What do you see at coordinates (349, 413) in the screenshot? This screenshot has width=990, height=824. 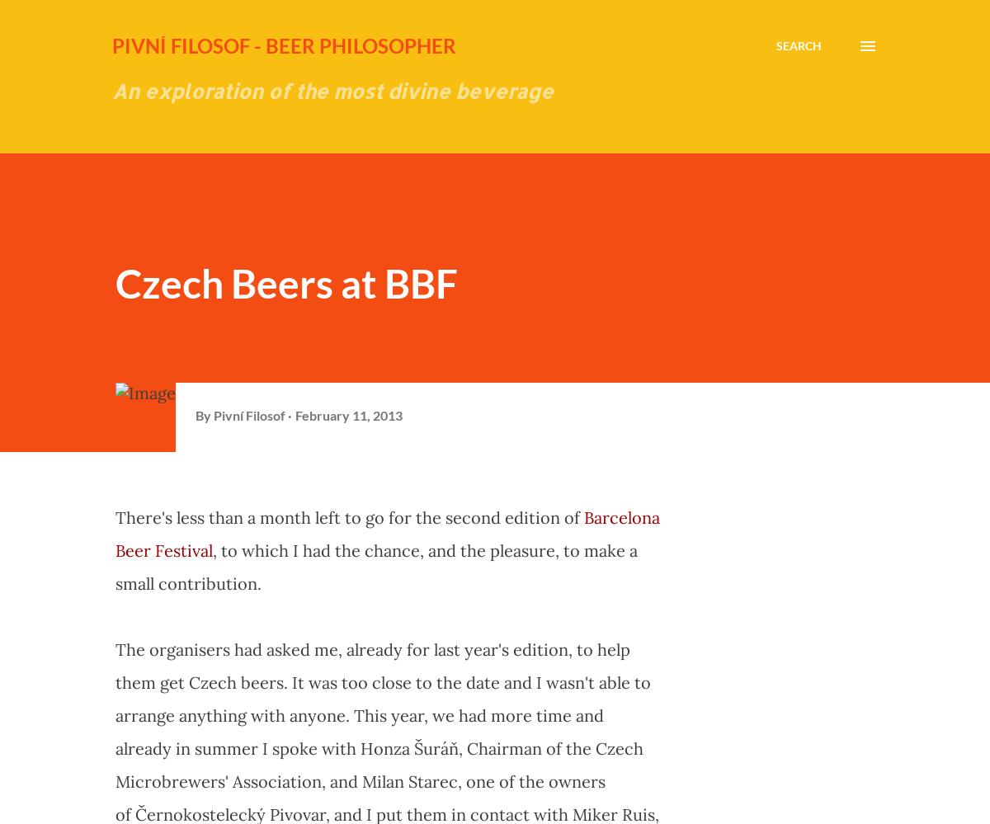 I see `'February 11, 2013'` at bounding box center [349, 413].